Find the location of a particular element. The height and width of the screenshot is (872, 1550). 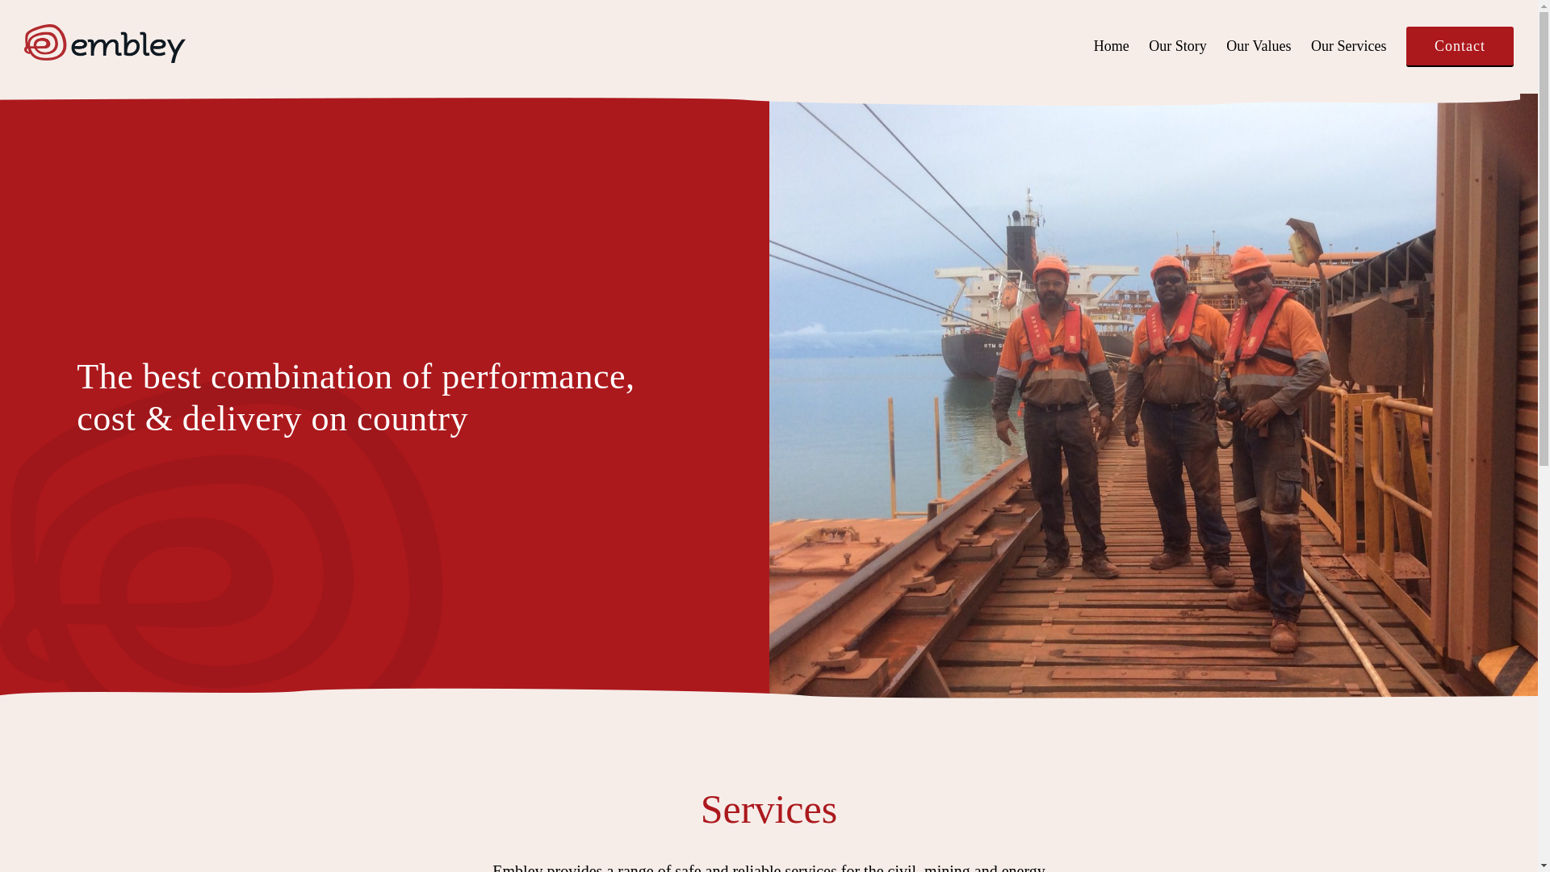

'Our Services' is located at coordinates (1348, 45).